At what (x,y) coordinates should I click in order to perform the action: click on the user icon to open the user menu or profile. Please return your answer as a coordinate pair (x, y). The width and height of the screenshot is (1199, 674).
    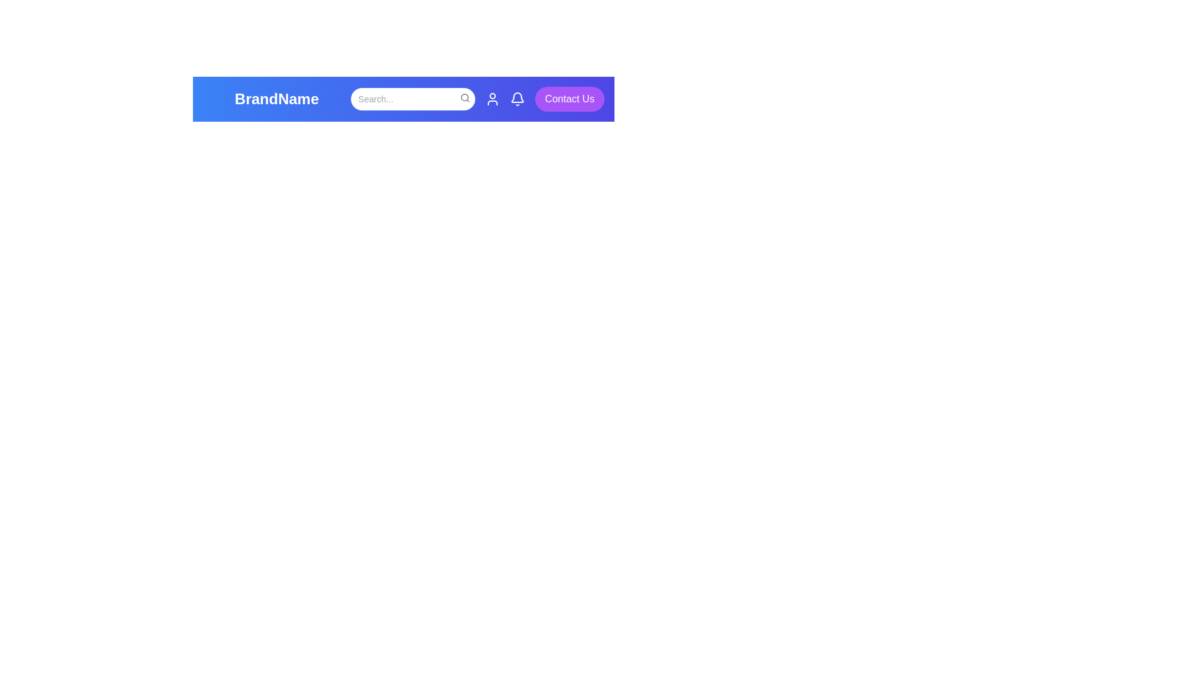
    Looking at the image, I should click on (491, 98).